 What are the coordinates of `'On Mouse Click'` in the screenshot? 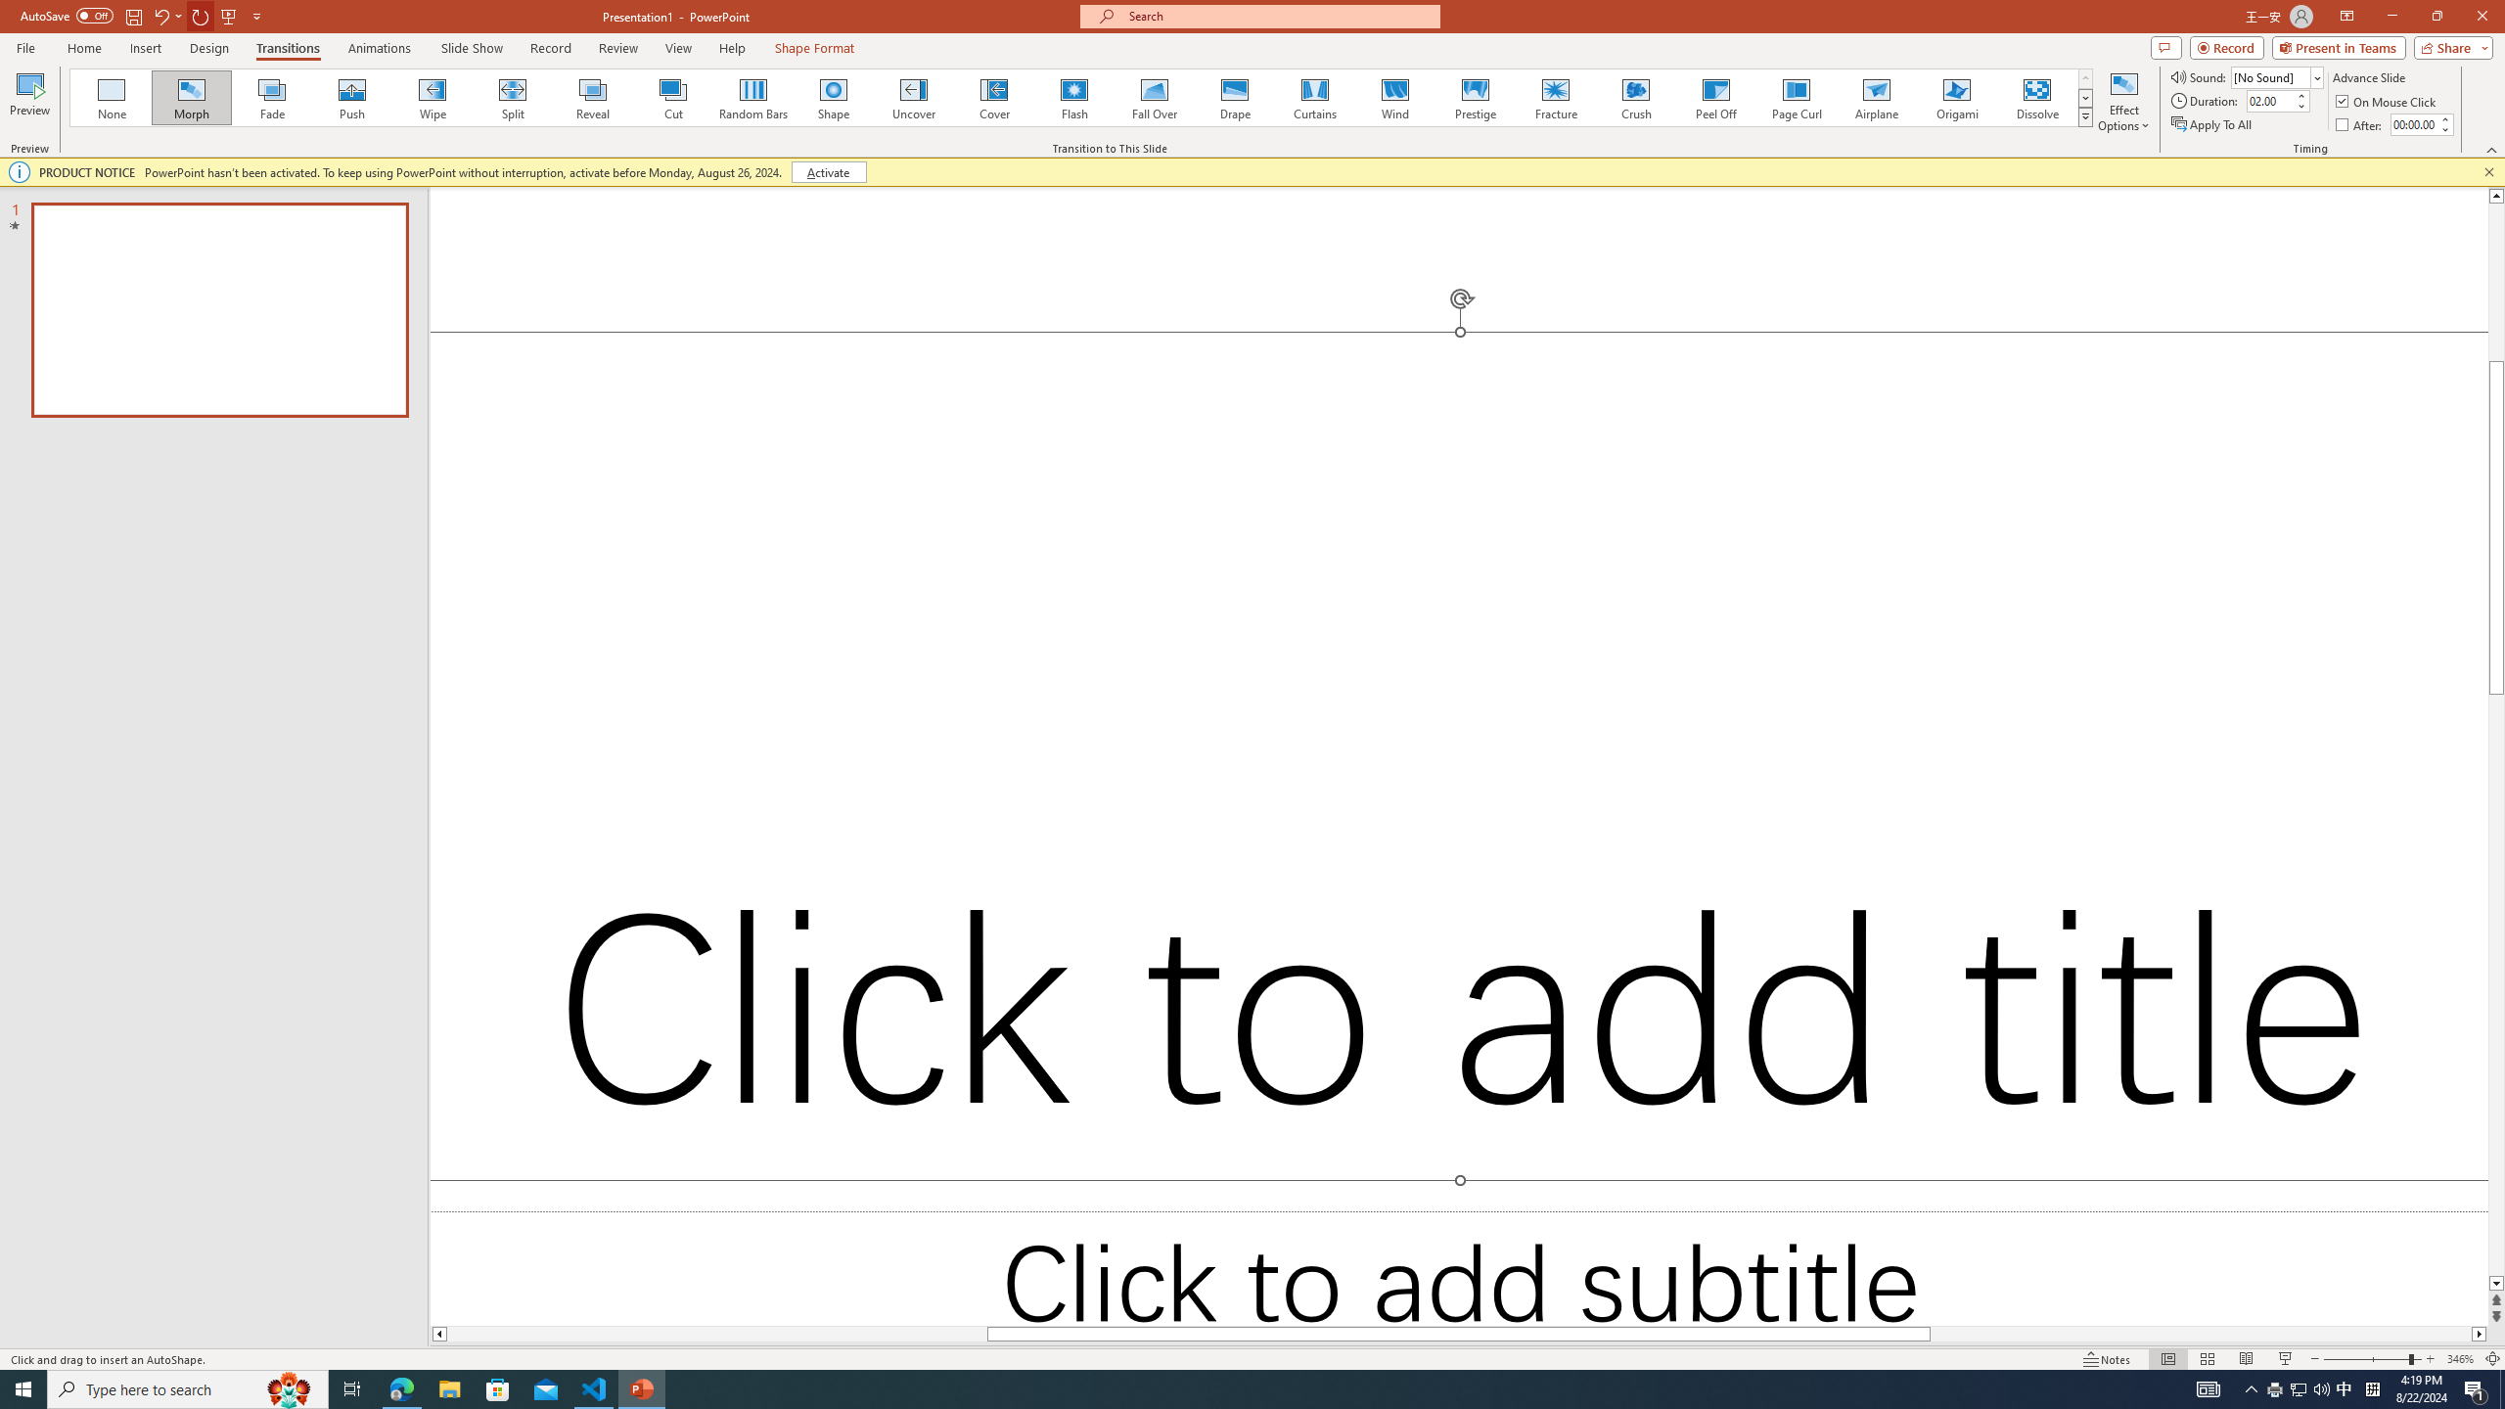 It's located at (2386, 101).